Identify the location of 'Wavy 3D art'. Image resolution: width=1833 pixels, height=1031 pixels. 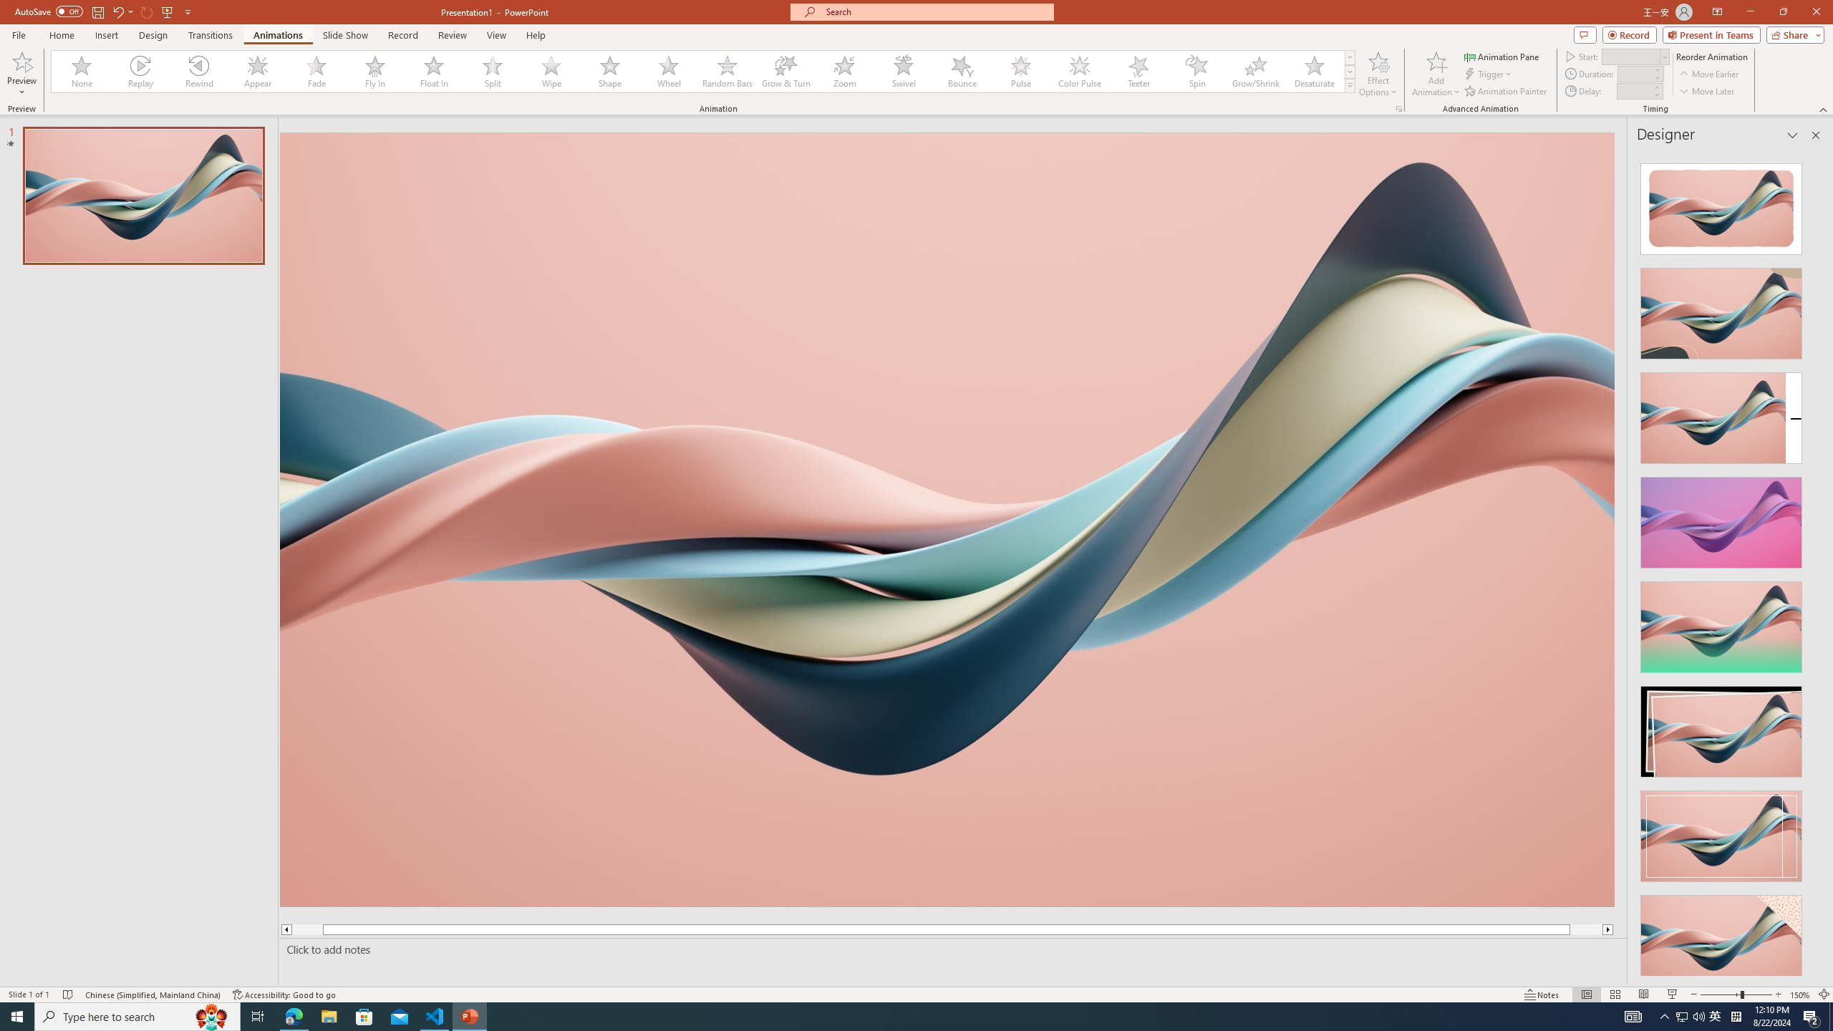
(947, 518).